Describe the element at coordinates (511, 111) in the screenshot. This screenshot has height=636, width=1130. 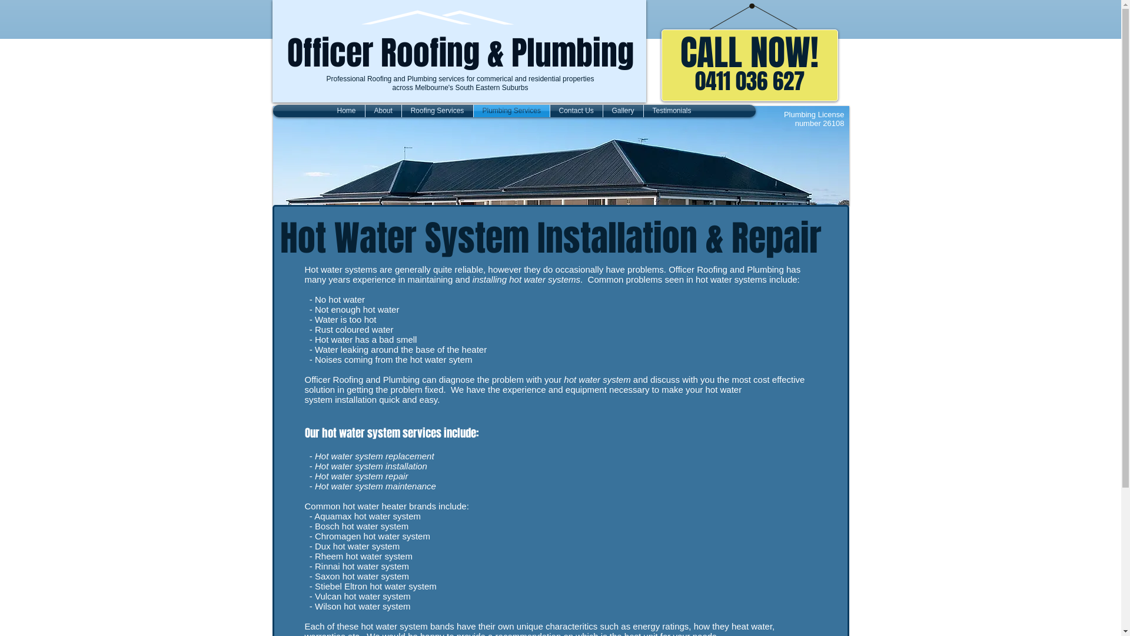
I see `'Plumbing Services'` at that location.